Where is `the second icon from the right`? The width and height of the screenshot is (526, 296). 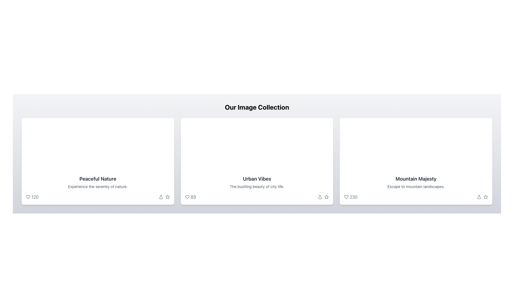 the second icon from the right is located at coordinates (485, 197).